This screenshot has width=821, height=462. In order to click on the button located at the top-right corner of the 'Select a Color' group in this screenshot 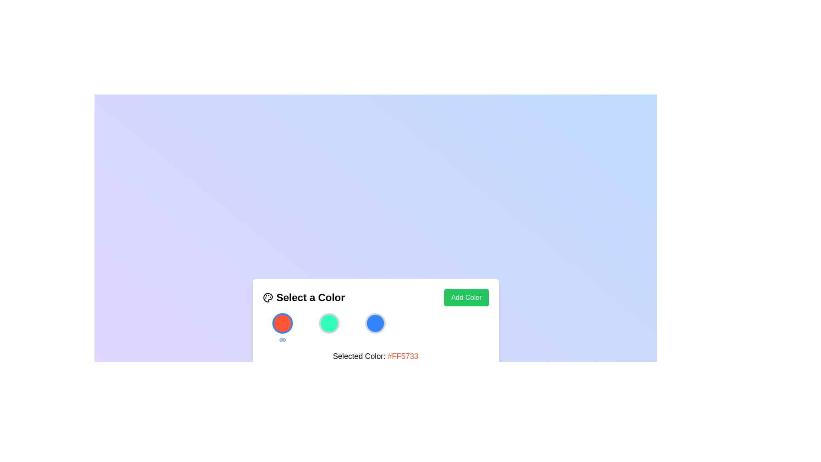, I will do `click(466, 297)`.